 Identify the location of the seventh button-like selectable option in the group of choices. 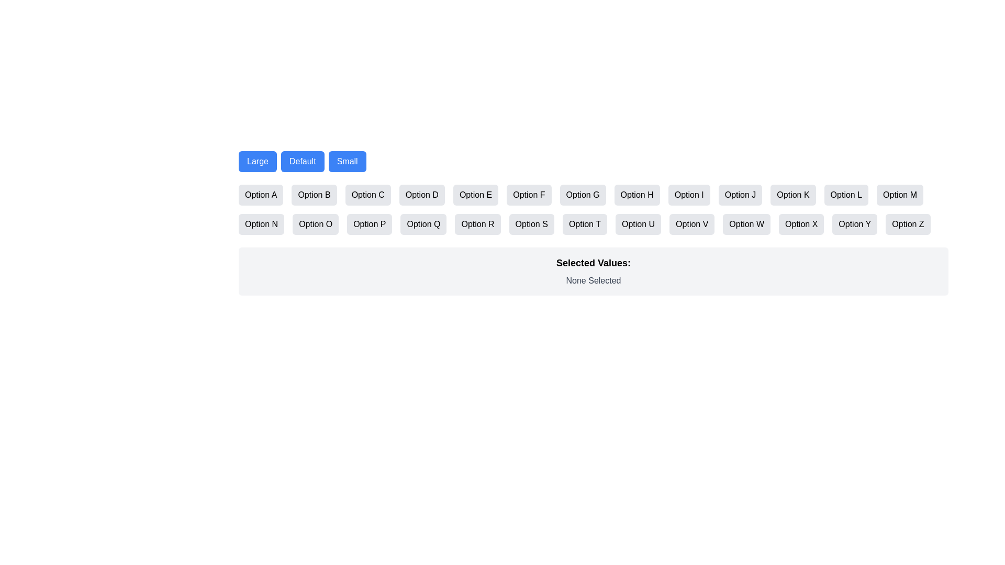
(582, 195).